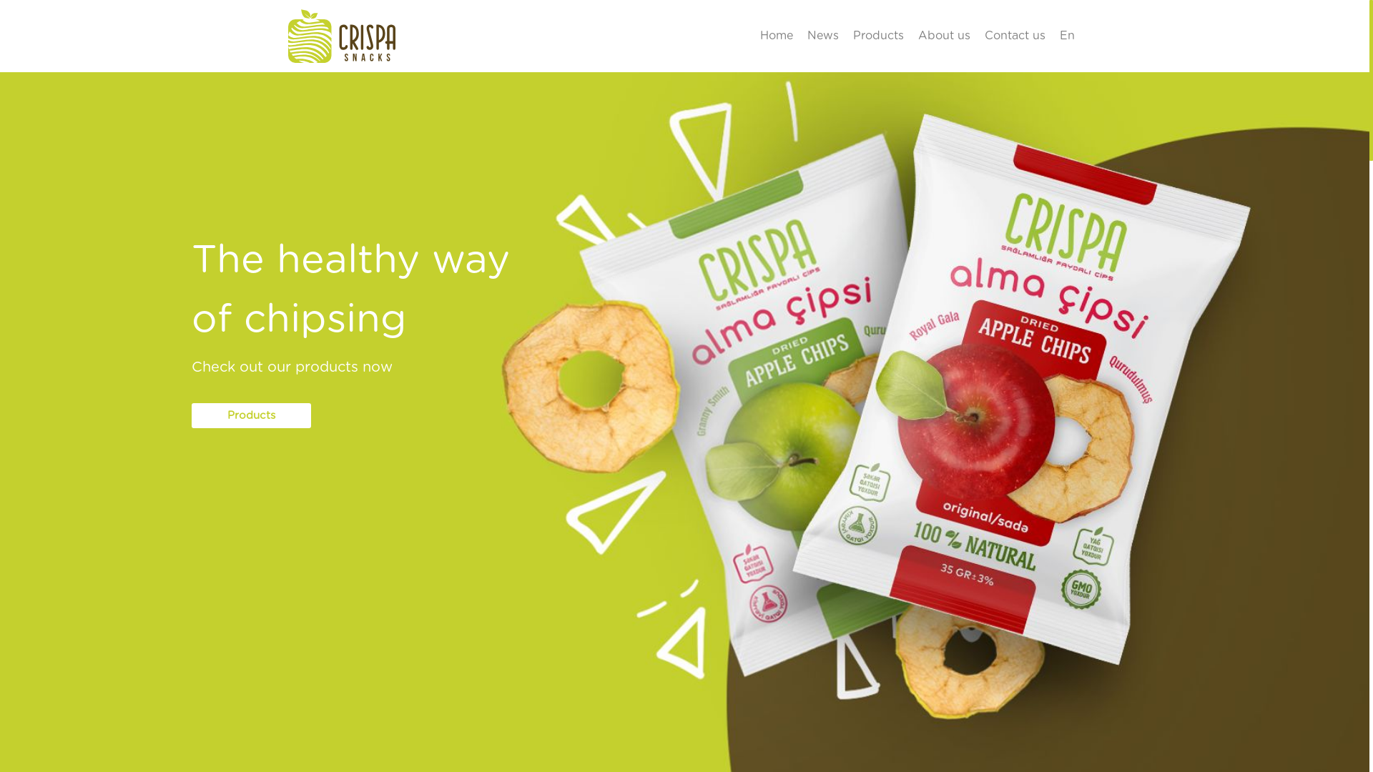 This screenshot has width=1373, height=772. What do you see at coordinates (1013, 35) in the screenshot?
I see `'Contact us'` at bounding box center [1013, 35].